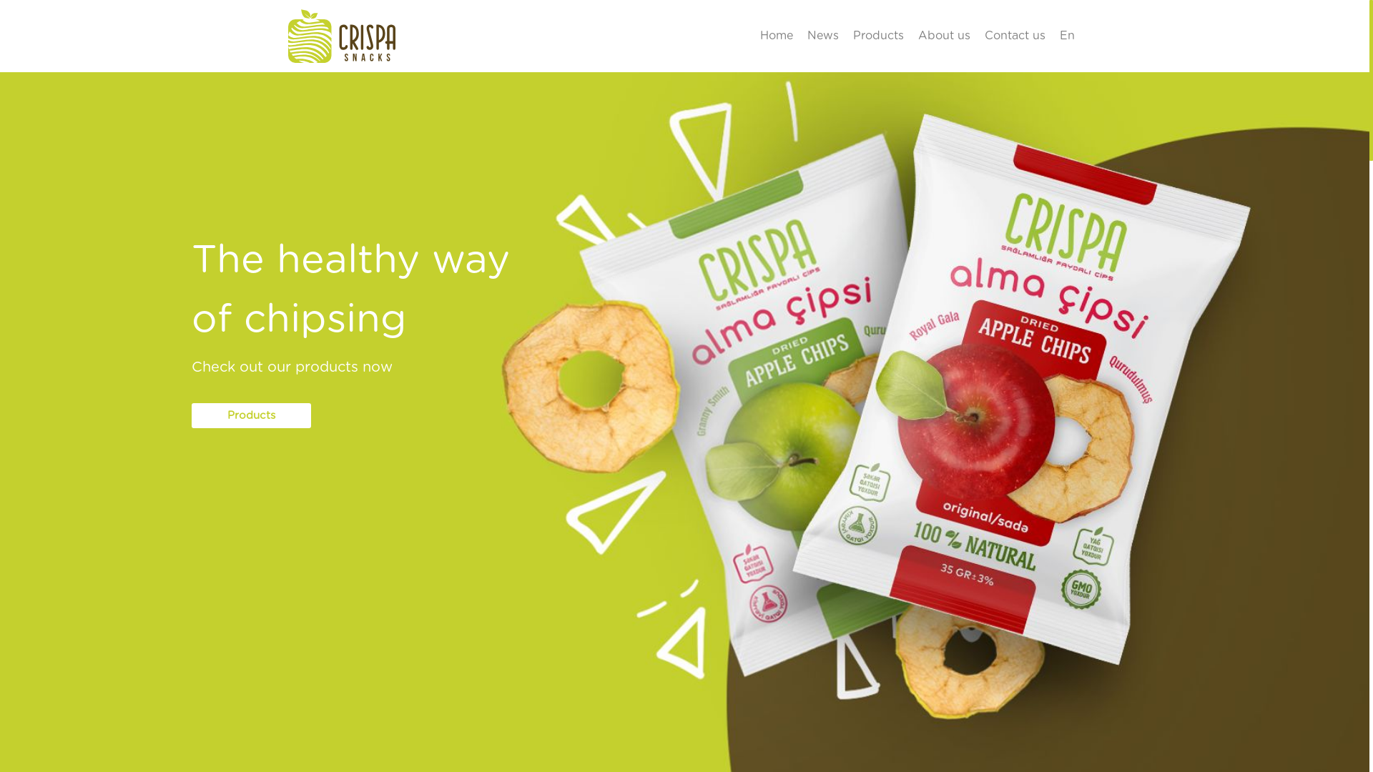 This screenshot has width=1373, height=772. What do you see at coordinates (1013, 35) in the screenshot?
I see `'Contact us'` at bounding box center [1013, 35].